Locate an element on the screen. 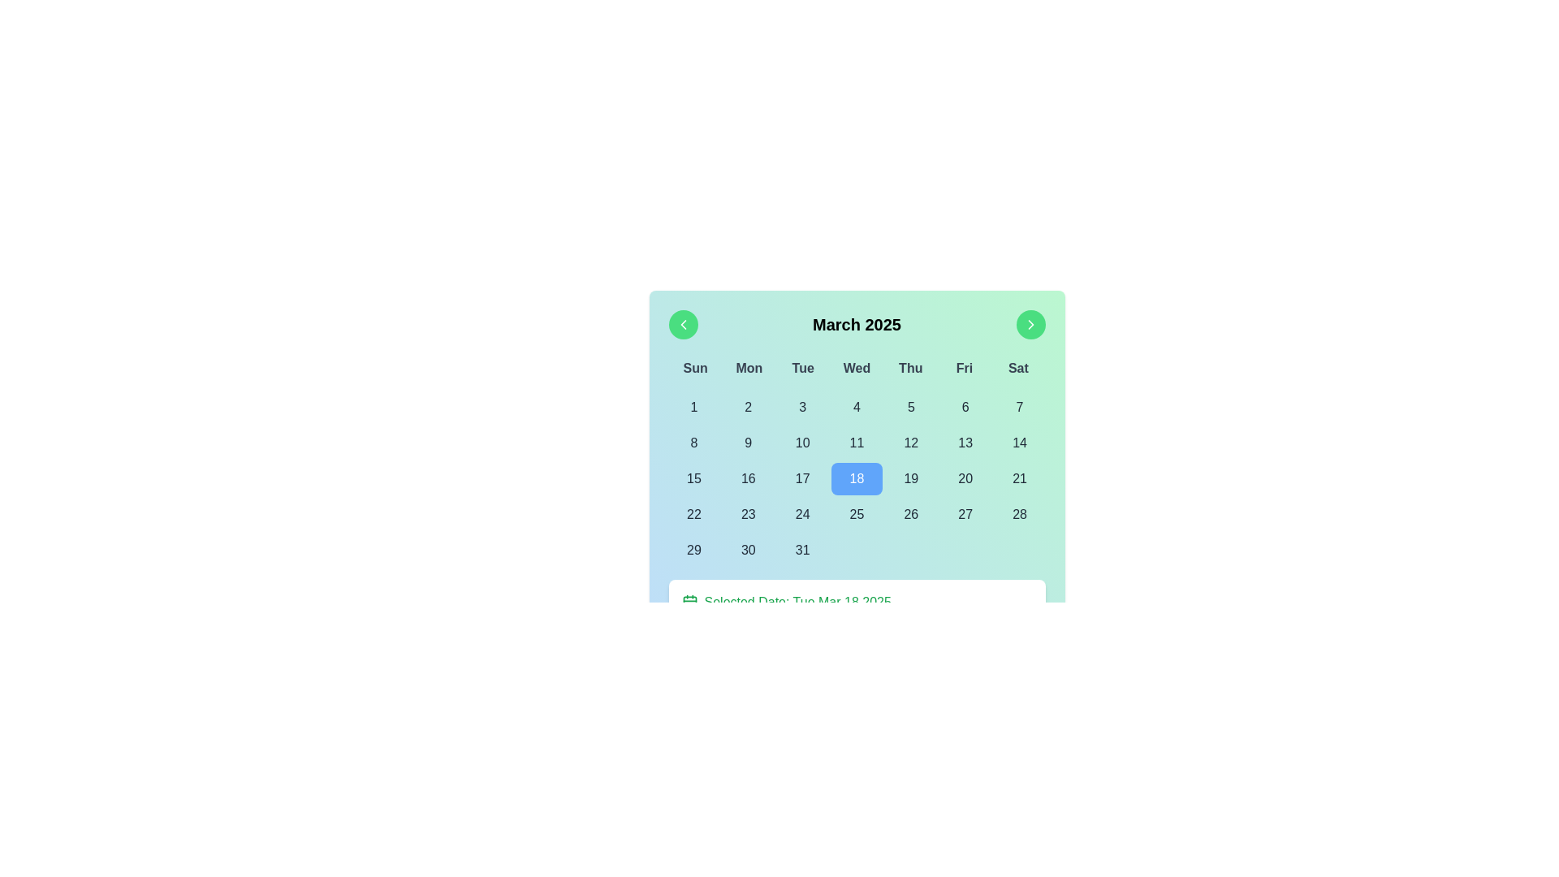  the Label row that serves as the header for the calendar days, located below the title 'March 2025' and above the grid of days is located at coordinates (856, 369).